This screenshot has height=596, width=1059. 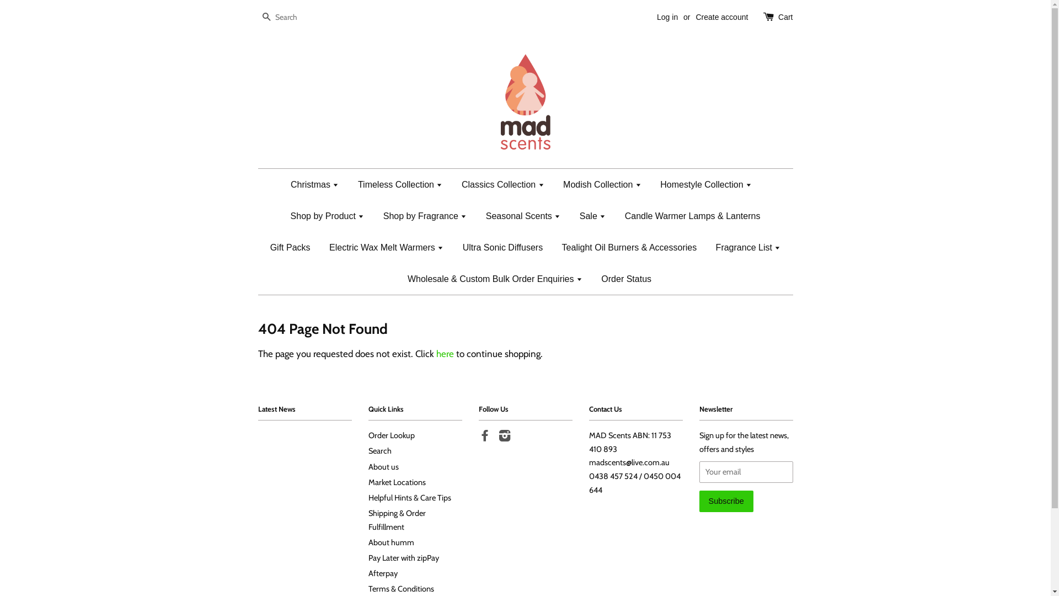 What do you see at coordinates (368, 498) in the screenshot?
I see `'Helpful Hints & Care Tips'` at bounding box center [368, 498].